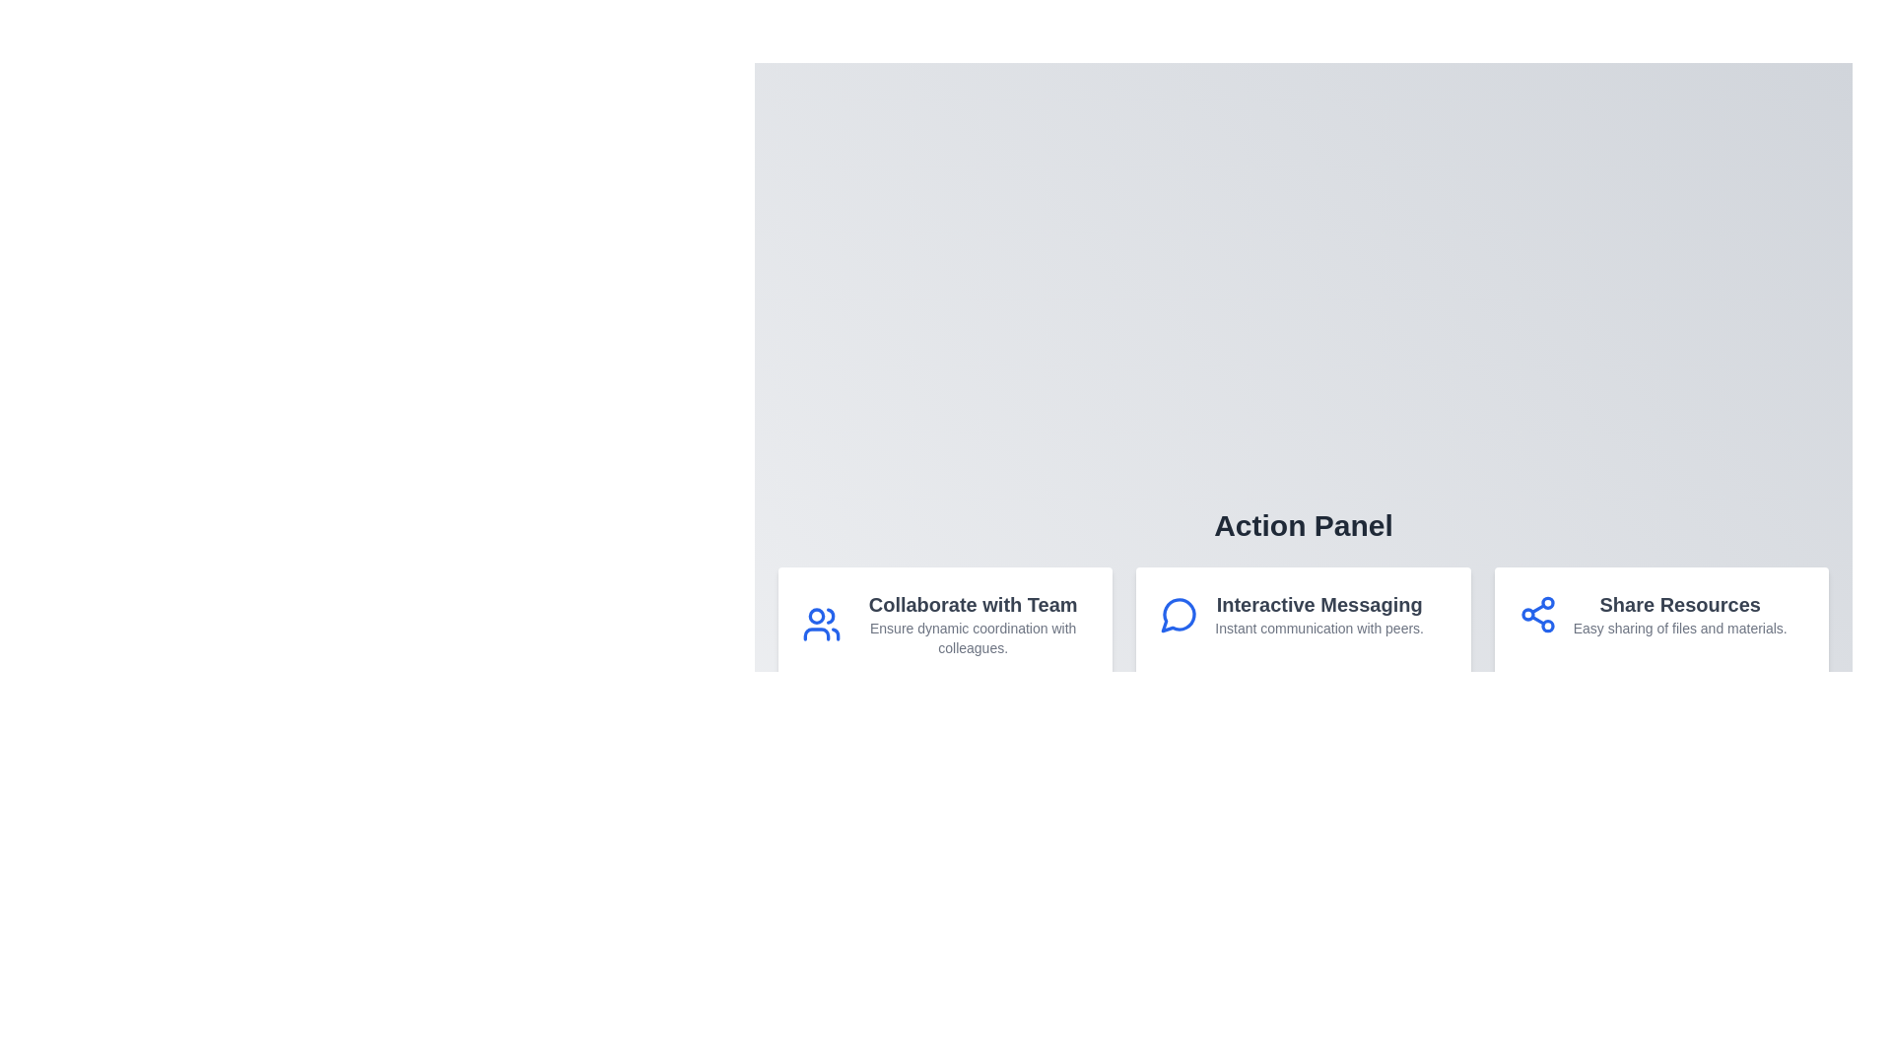  I want to click on the Informational Text Block titled 'Collaborate with Team' which contains a subtext 'Ensure dynamic coordination with colleagues.', so click(973, 624).